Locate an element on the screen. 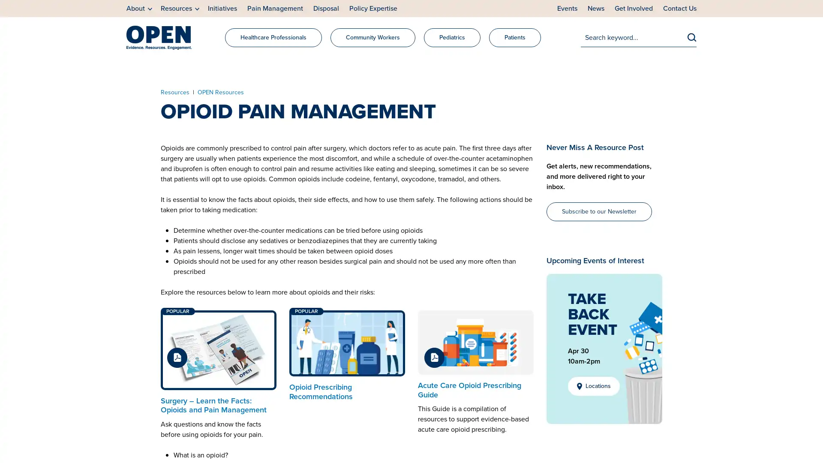  About is located at coordinates (139, 9).